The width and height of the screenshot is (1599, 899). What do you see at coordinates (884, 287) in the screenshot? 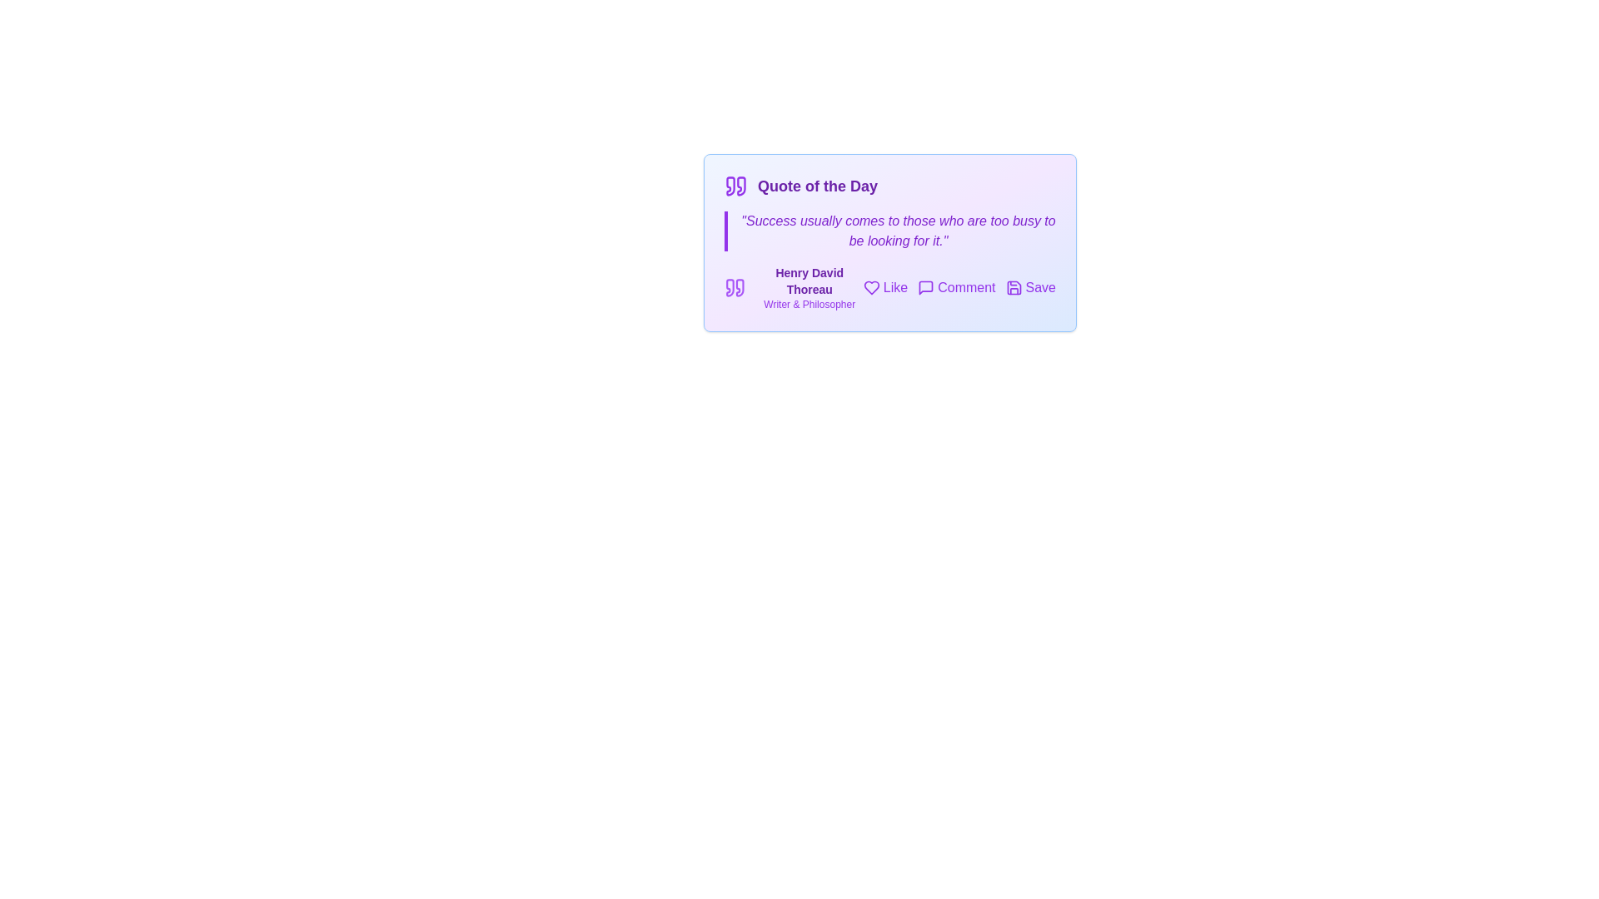
I see `the purple heart icon labeled 'Like' to like the content` at bounding box center [884, 287].